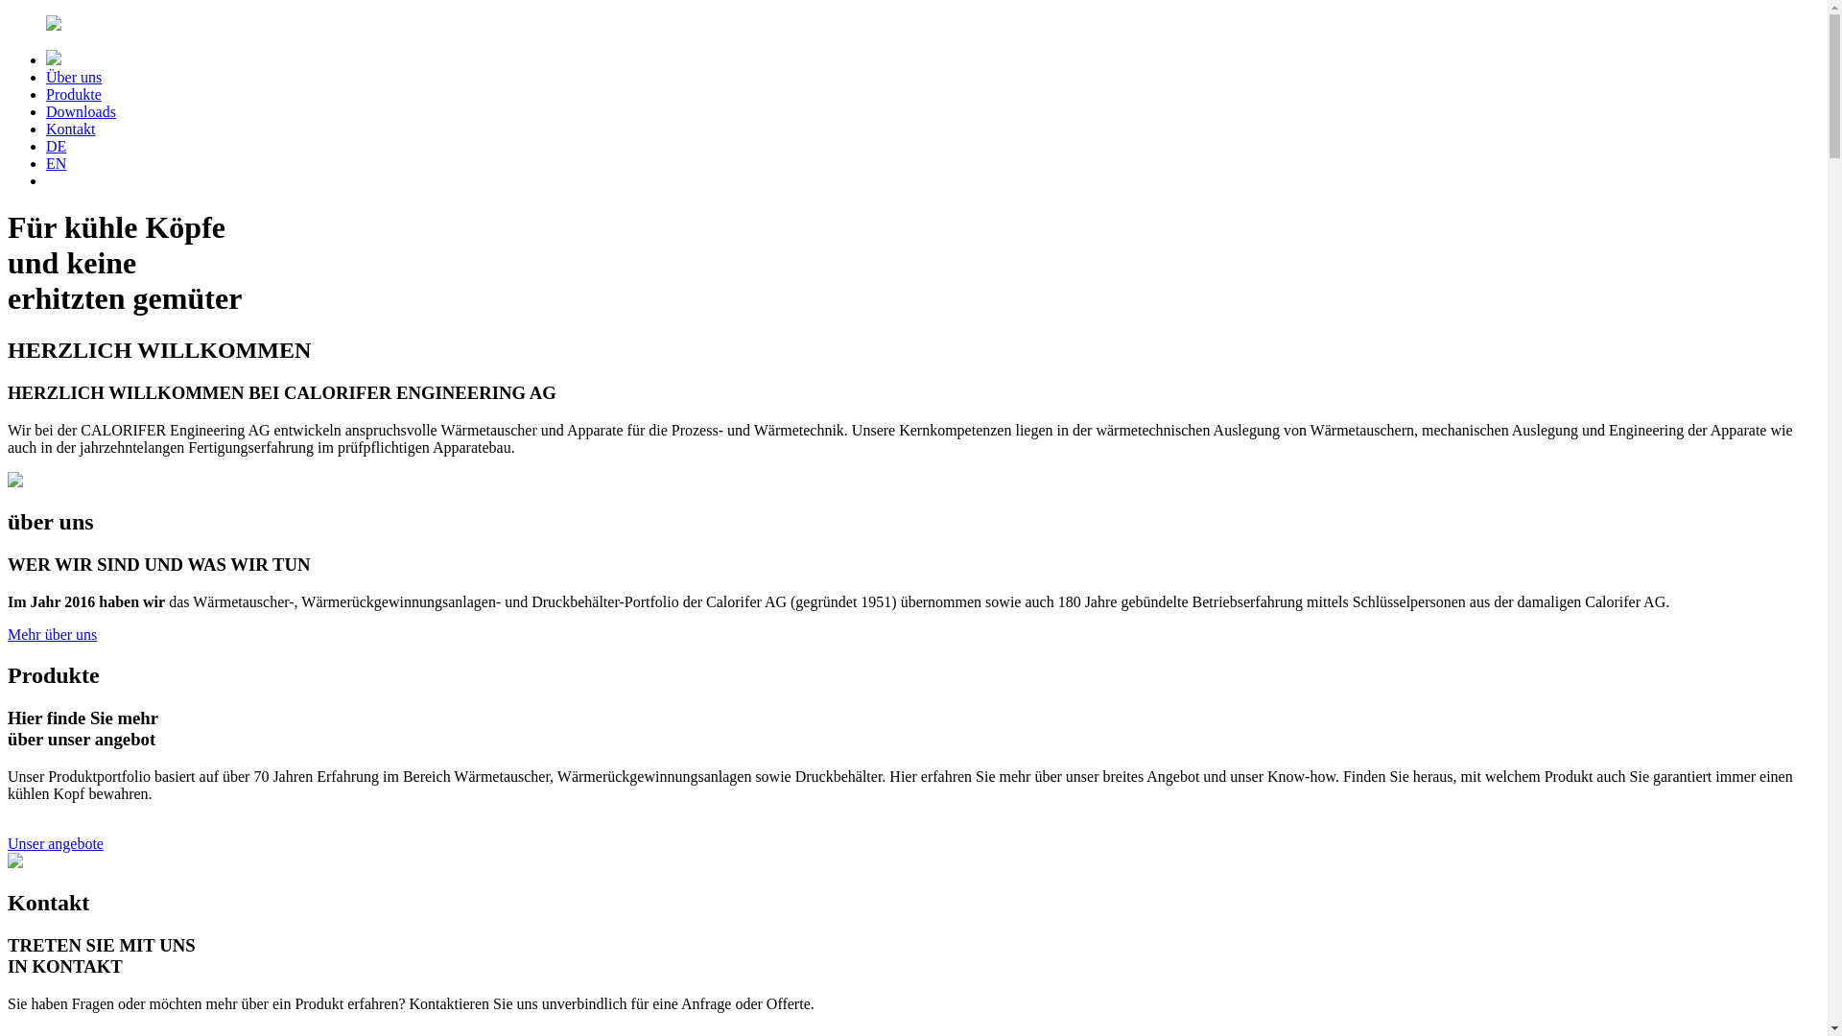 The width and height of the screenshot is (1842, 1036). Describe the element at coordinates (56, 145) in the screenshot. I see `'DE'` at that location.